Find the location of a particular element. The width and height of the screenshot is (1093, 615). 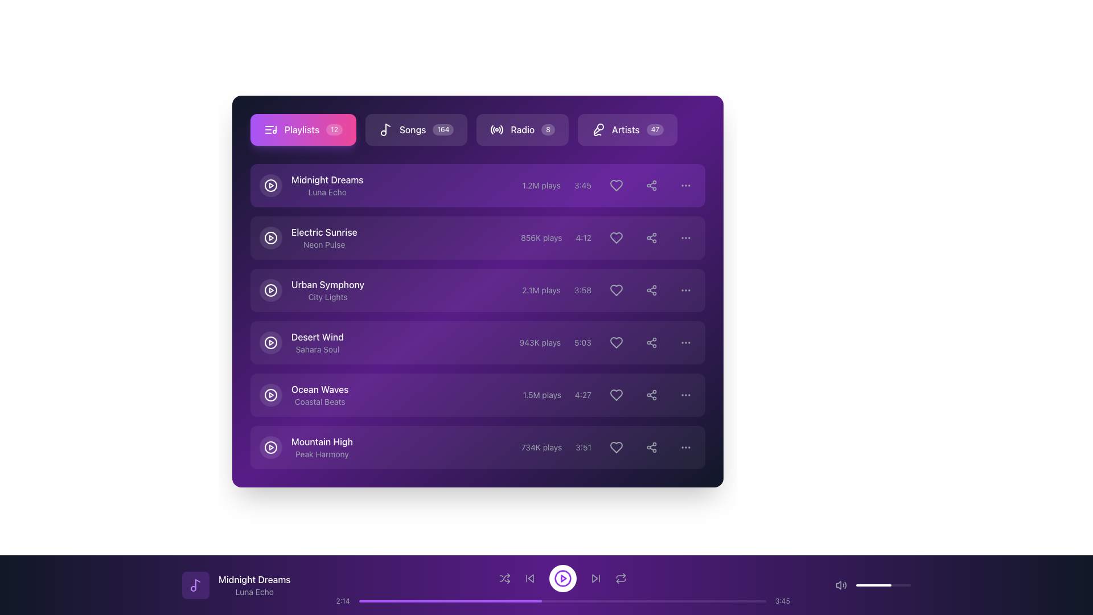

progress is located at coordinates (750, 601).